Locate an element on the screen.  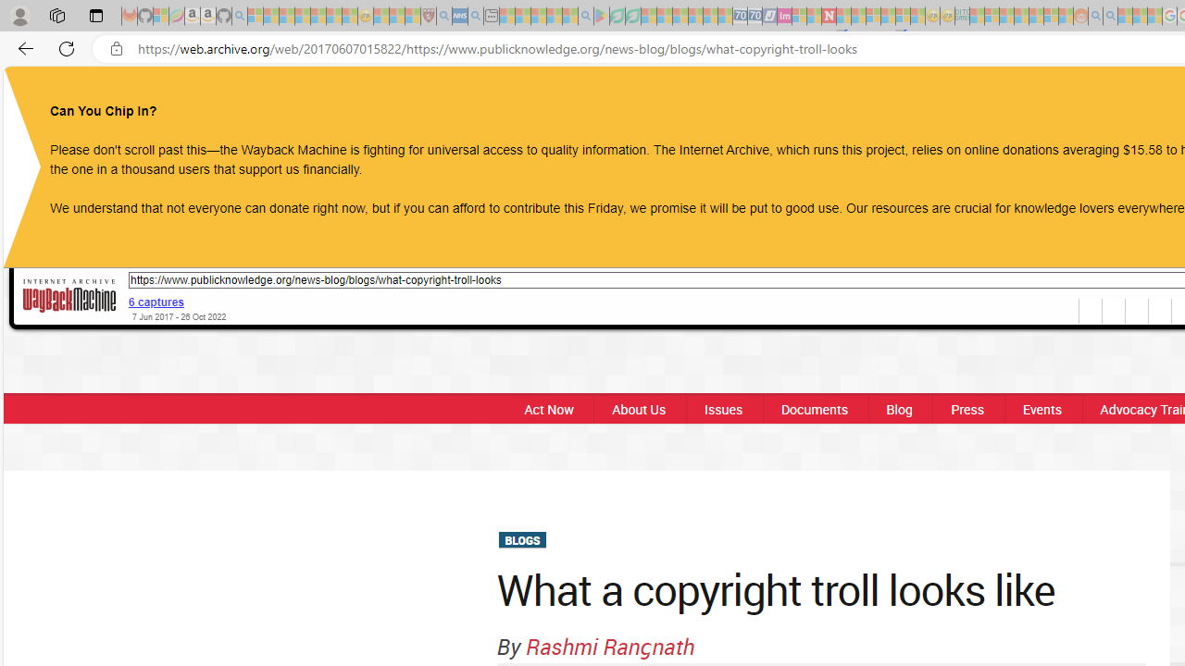
'Latest Politics News & Archive | Newsweek.com - Sleeping' is located at coordinates (828, 16).